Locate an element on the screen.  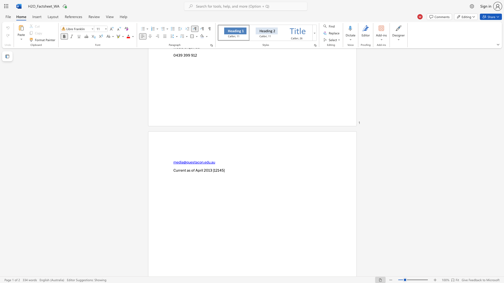
the subset text "co" within the text "media@questacon.edu.au" is located at coordinates (197, 162).